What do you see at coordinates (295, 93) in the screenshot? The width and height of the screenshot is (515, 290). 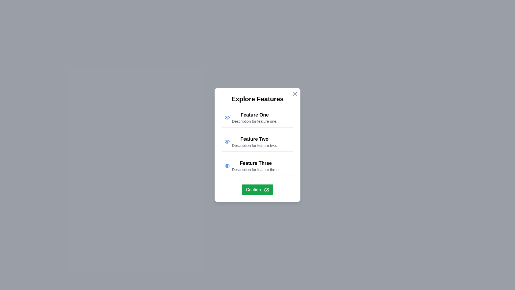 I see `the close button at the top-right corner of the dialog to dismiss it` at bounding box center [295, 93].